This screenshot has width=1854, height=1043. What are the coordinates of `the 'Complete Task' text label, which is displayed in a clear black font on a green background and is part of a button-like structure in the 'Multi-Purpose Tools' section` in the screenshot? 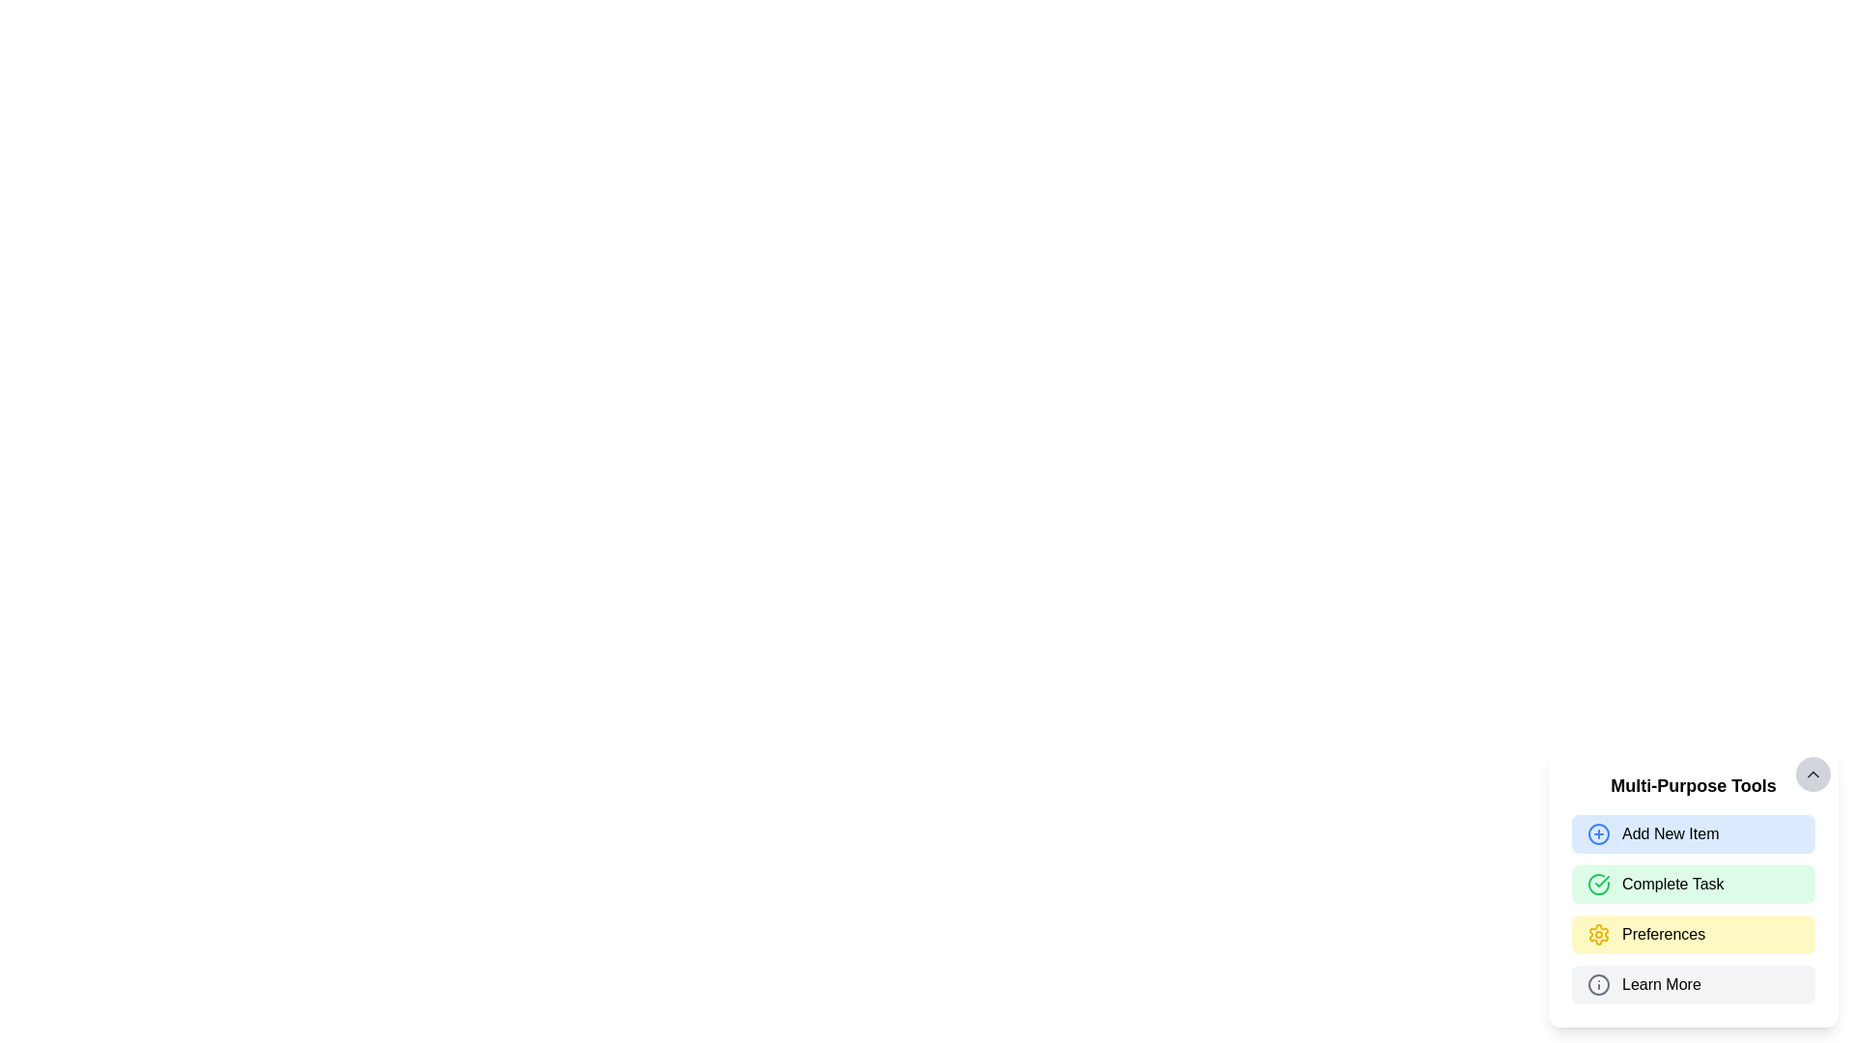 It's located at (1671, 884).